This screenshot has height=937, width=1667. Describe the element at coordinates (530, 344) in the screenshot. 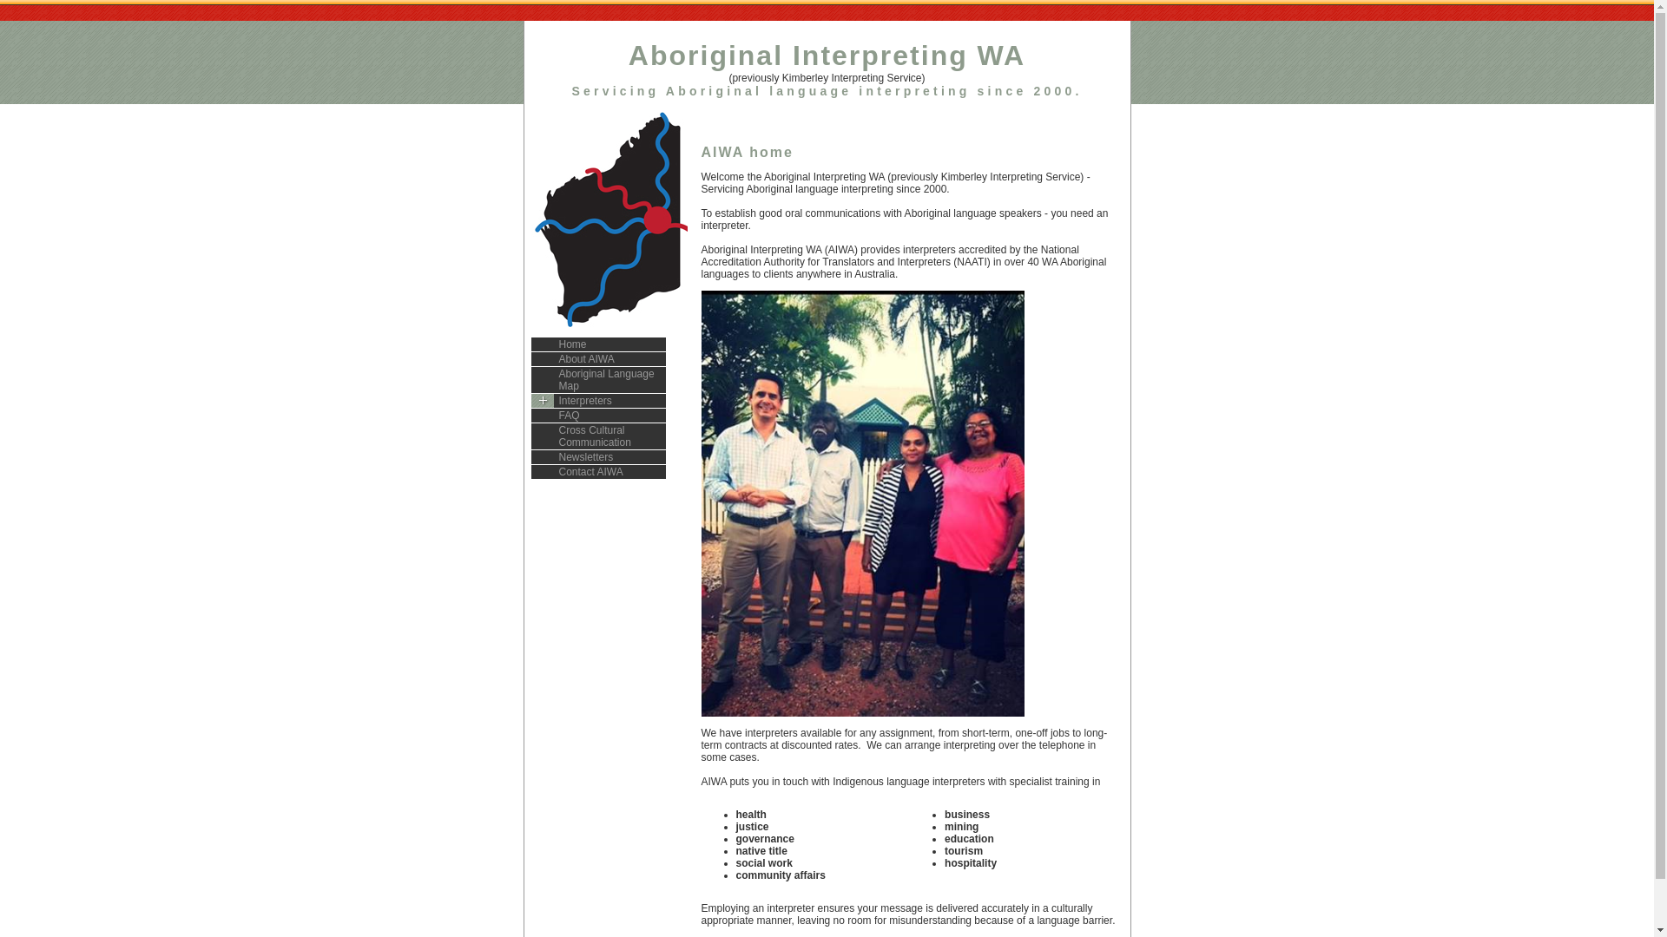

I see `'Home'` at that location.